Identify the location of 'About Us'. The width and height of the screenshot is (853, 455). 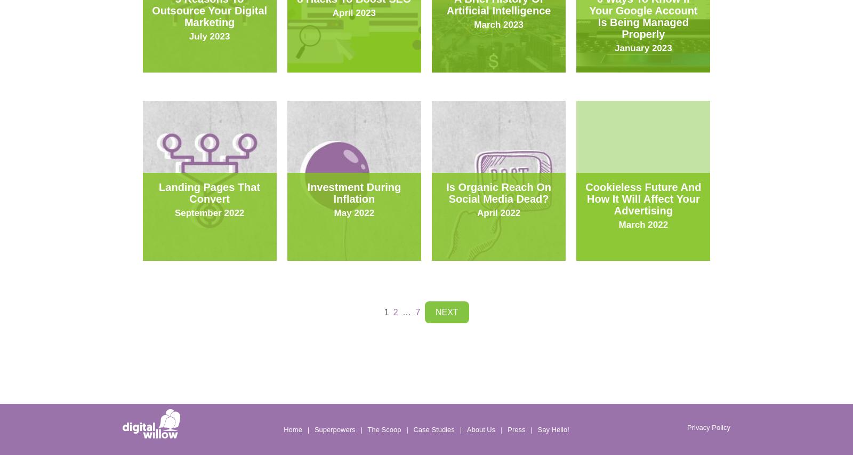
(480, 428).